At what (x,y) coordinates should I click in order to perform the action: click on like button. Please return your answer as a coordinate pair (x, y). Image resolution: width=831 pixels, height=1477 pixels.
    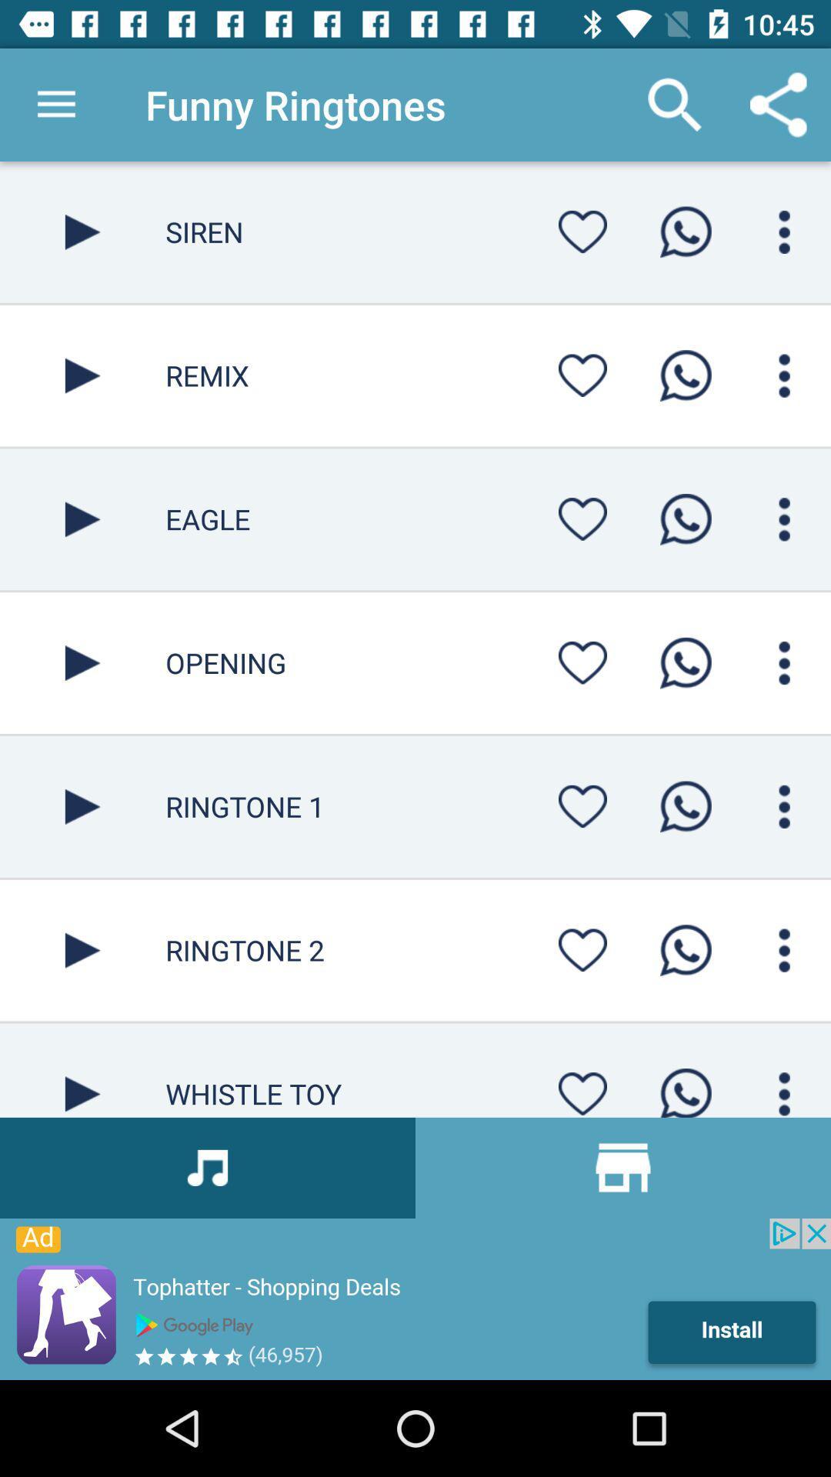
    Looking at the image, I should click on (582, 1089).